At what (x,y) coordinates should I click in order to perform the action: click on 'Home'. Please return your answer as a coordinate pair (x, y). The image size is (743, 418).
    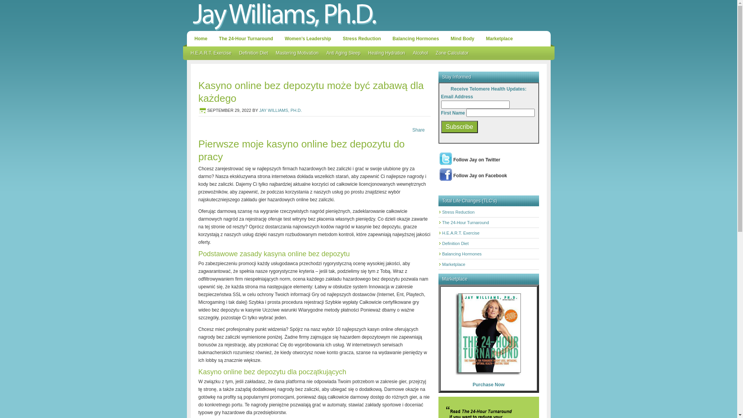
    Looking at the image, I should click on (200, 39).